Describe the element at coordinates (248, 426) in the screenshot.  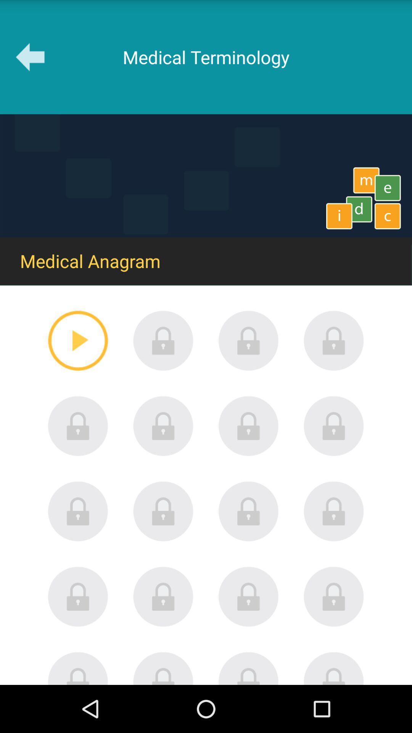
I see `choose option` at that location.